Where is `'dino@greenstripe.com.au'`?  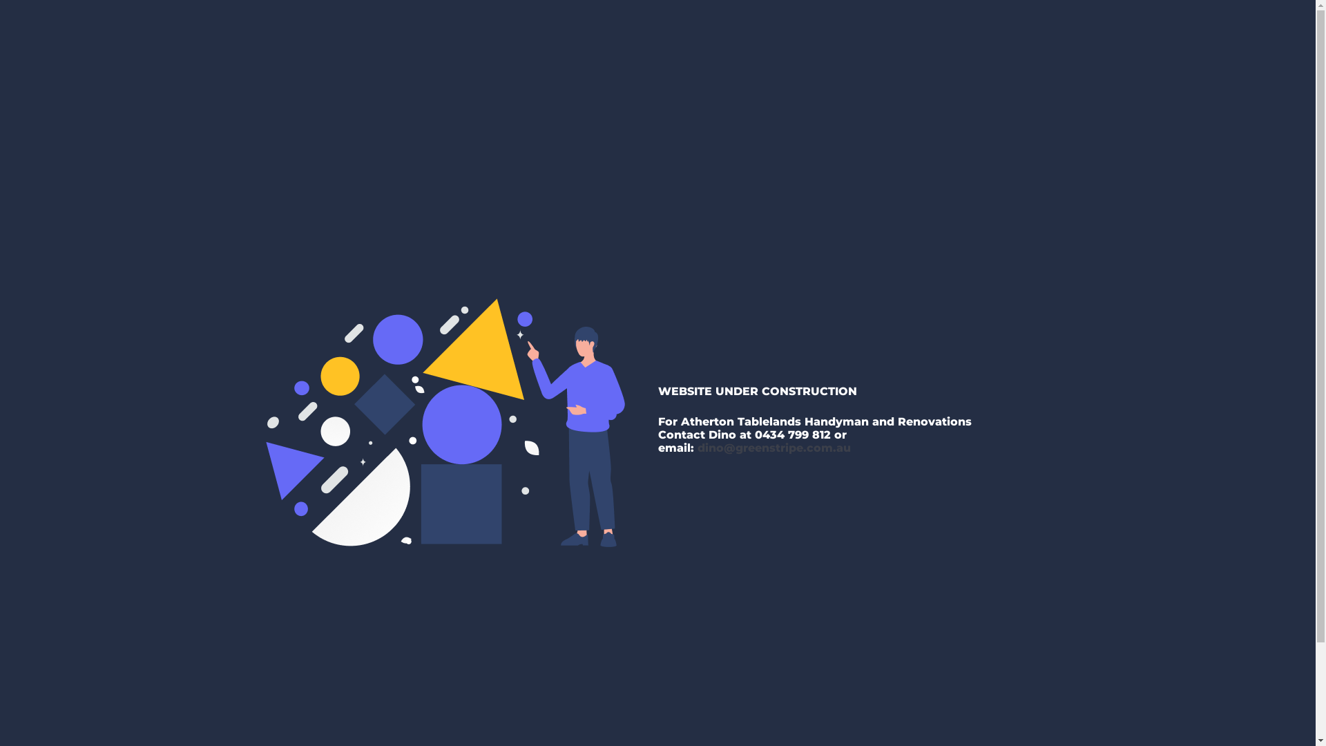
'dino@greenstripe.com.au' is located at coordinates (774, 448).